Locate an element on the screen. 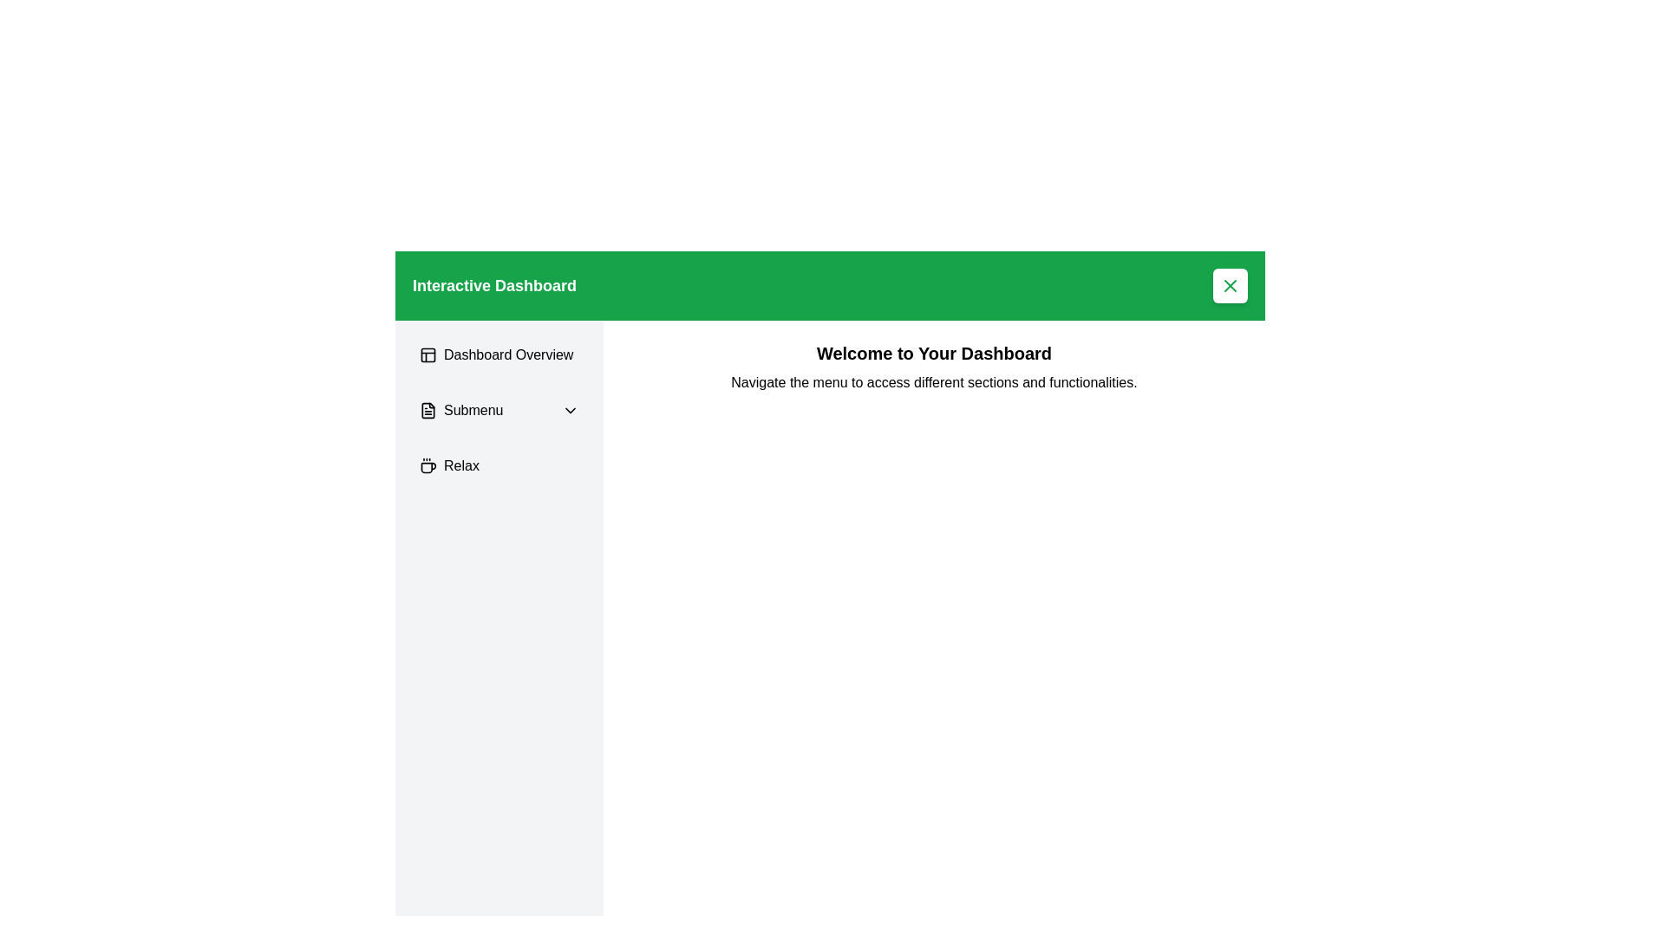 The width and height of the screenshot is (1665, 936). header text 'Welcome to Your Dashboard' which is prominently displayed in a large bold font at the top of the content area below the green header bar is located at coordinates (933, 353).